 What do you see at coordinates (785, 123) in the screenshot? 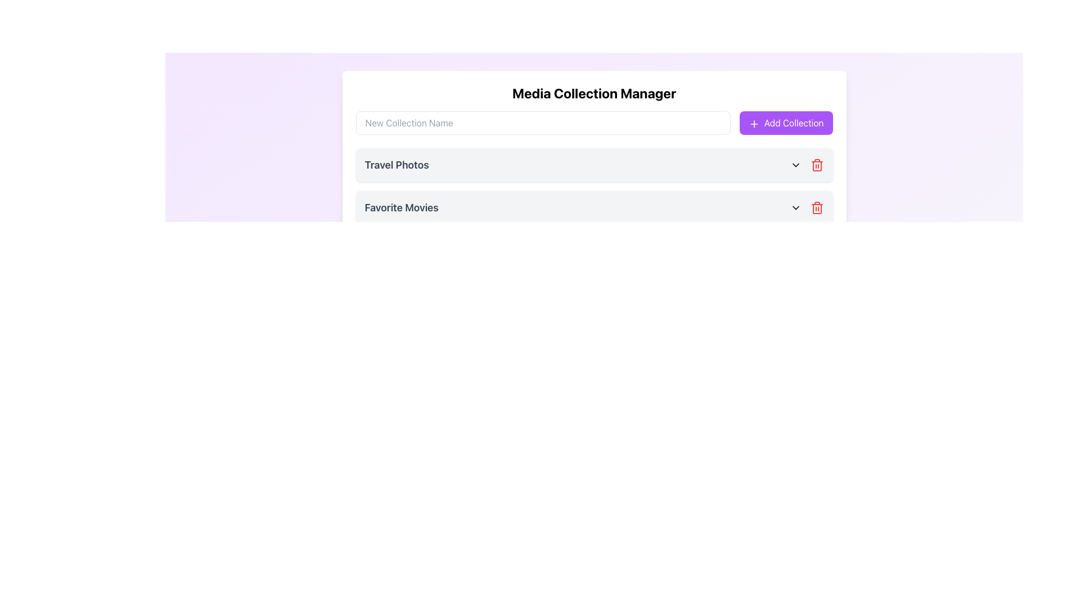
I see `the 'Add Collection' button, which has a purple background and white text` at bounding box center [785, 123].